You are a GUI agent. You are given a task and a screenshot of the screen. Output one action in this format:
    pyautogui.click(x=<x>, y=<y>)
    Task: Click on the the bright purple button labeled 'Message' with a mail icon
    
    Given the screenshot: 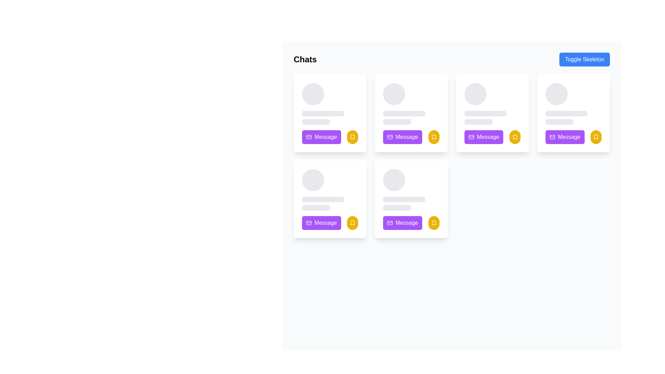 What is the action you would take?
    pyautogui.click(x=330, y=137)
    